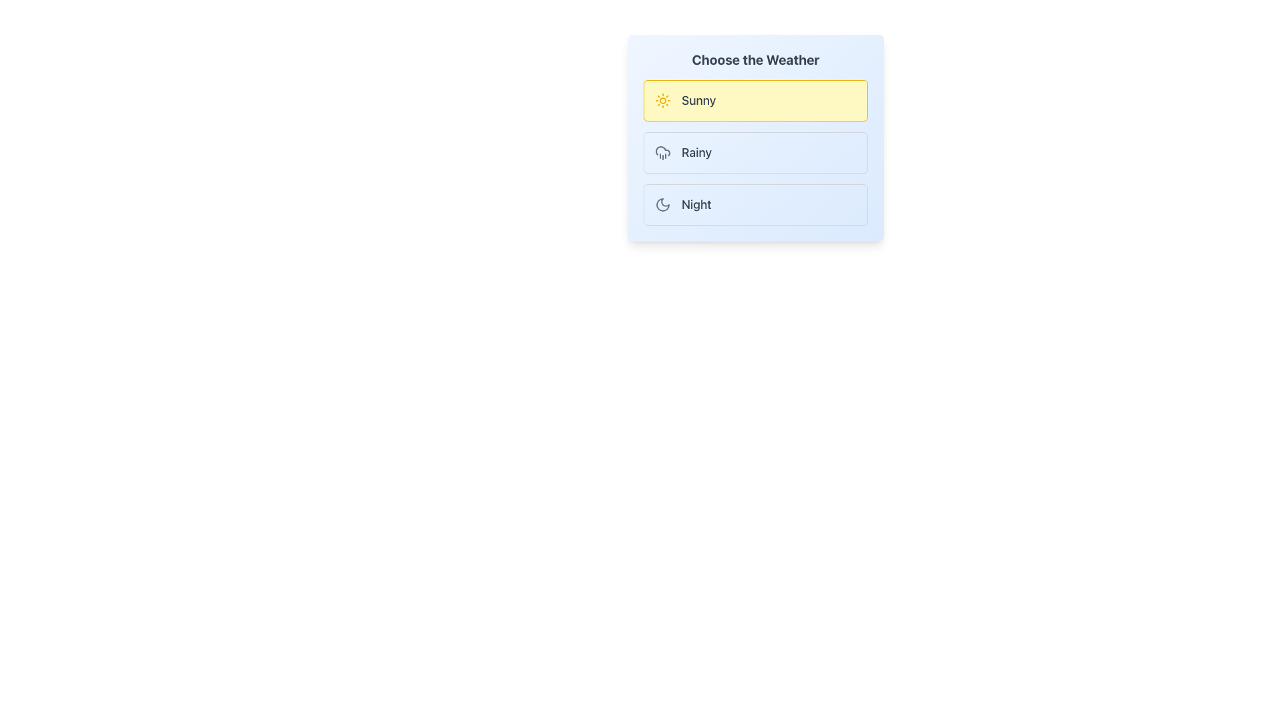 This screenshot has width=1282, height=721. What do you see at coordinates (696, 152) in the screenshot?
I see `the text label displaying 'Rainy', which is styled in gray and positioned within a selectable box to the right of the rain icon` at bounding box center [696, 152].